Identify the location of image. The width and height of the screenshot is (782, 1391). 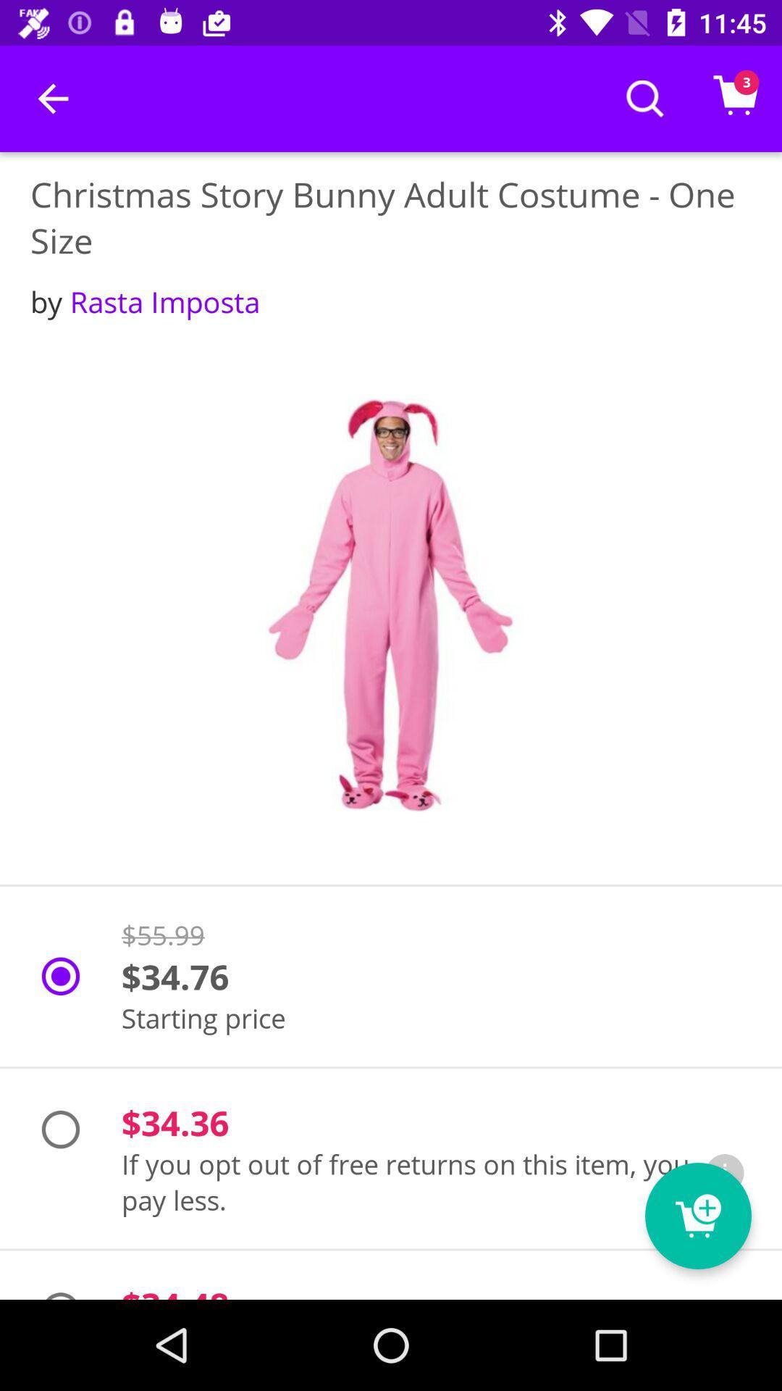
(391, 605).